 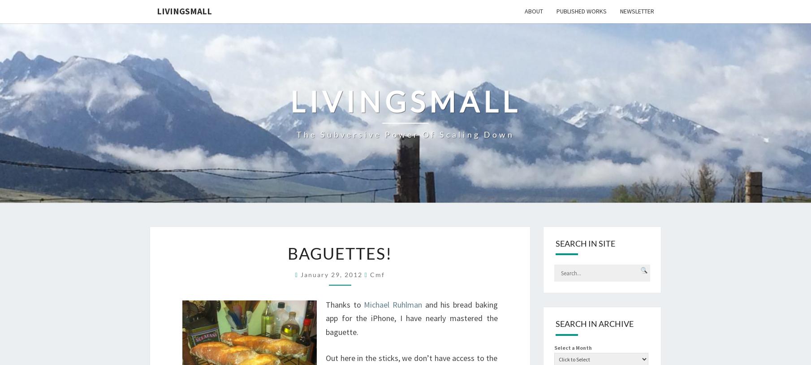 I want to click on 'Baguettes!', so click(x=287, y=252).